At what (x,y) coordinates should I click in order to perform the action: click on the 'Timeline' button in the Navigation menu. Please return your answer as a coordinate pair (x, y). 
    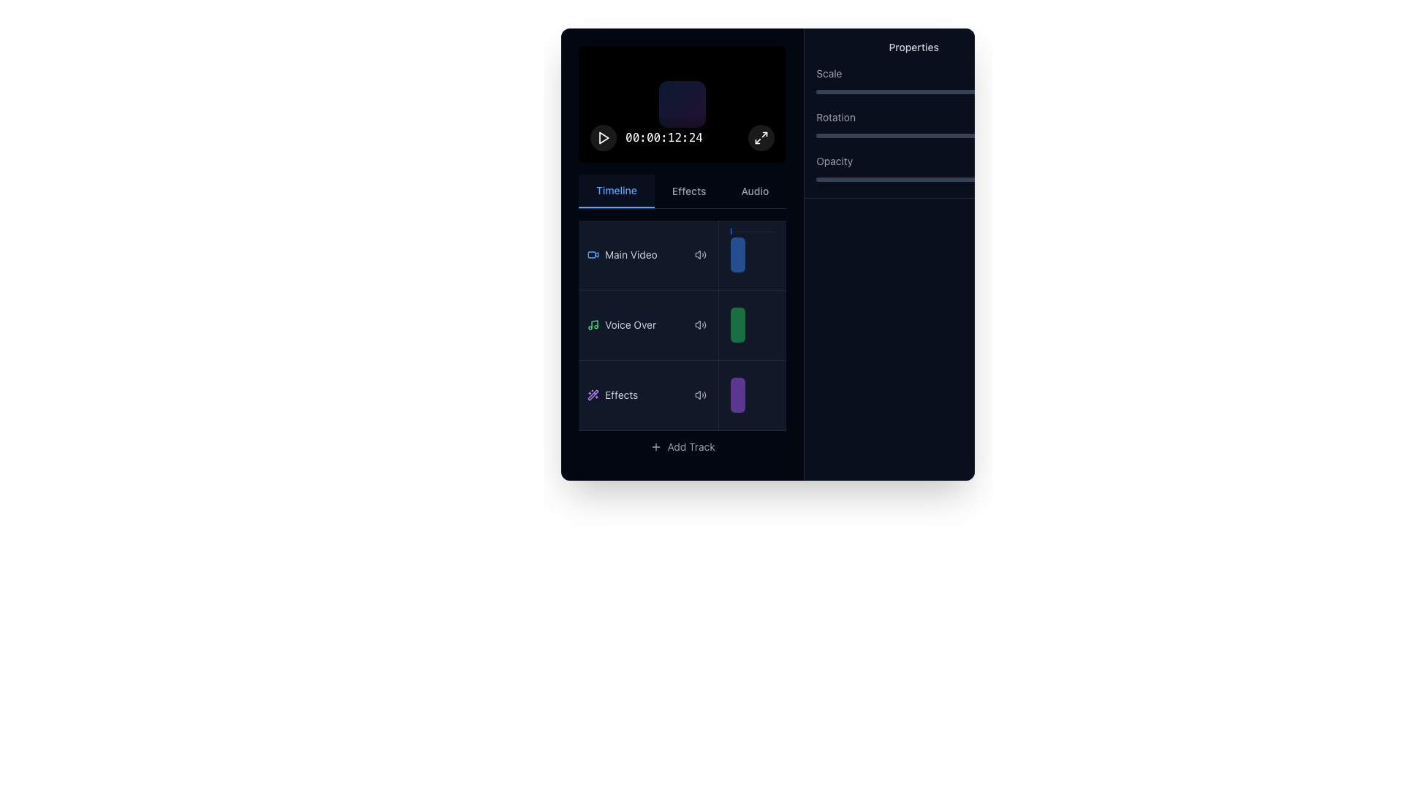
    Looking at the image, I should click on (682, 191).